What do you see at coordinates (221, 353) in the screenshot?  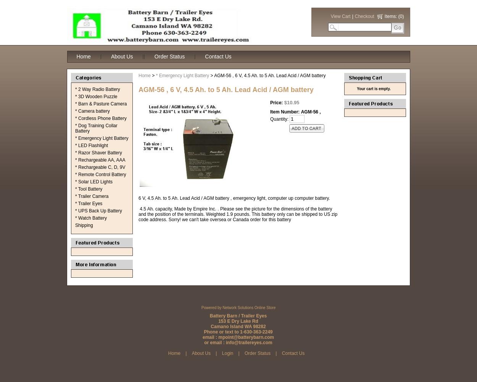 I see `'Login'` at bounding box center [221, 353].